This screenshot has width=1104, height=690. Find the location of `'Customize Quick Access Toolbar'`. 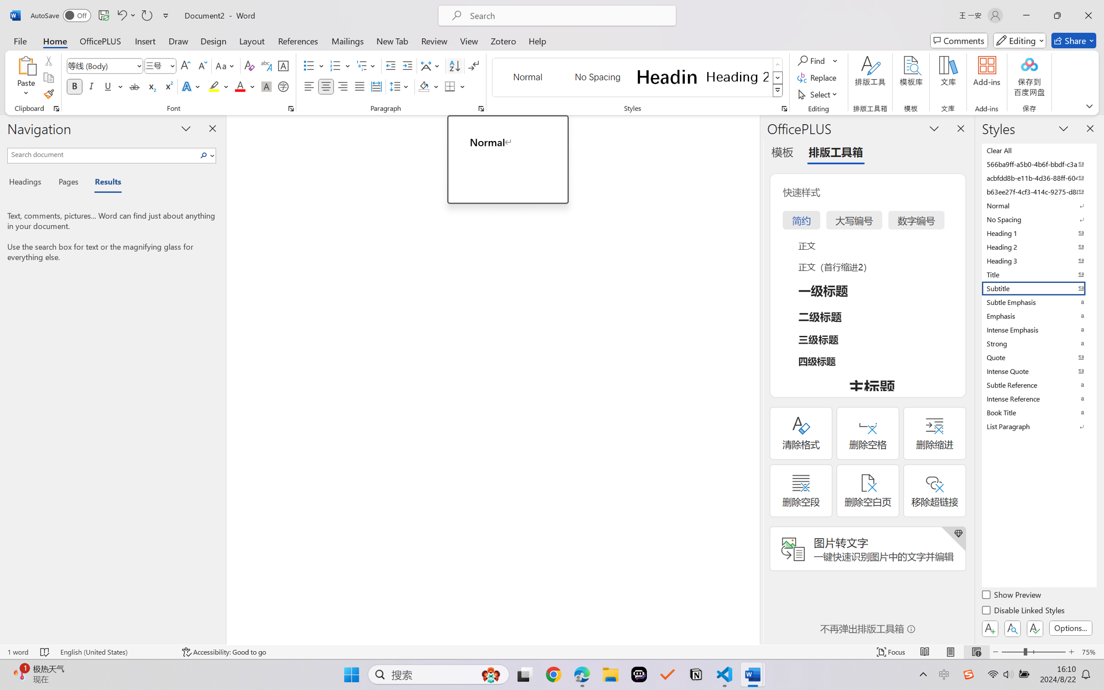

'Customize Quick Access Toolbar' is located at coordinates (166, 15).